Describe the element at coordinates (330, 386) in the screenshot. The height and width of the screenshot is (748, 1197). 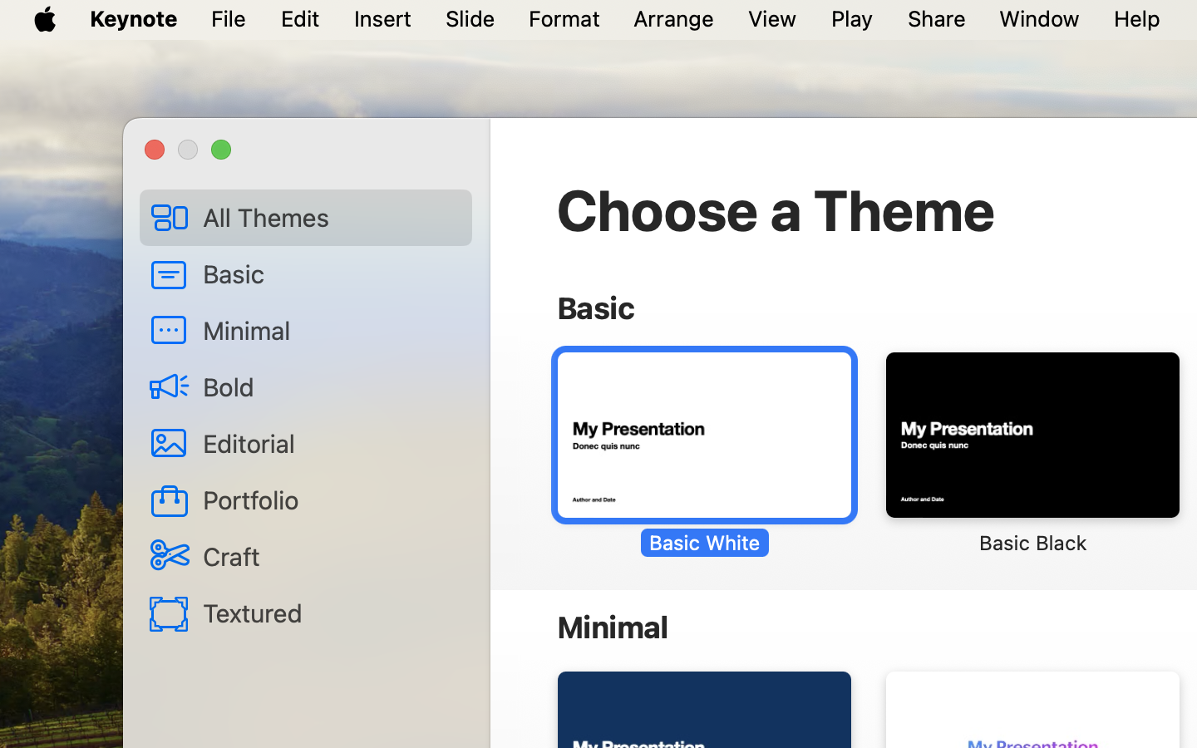
I see `'Bold'` at that location.